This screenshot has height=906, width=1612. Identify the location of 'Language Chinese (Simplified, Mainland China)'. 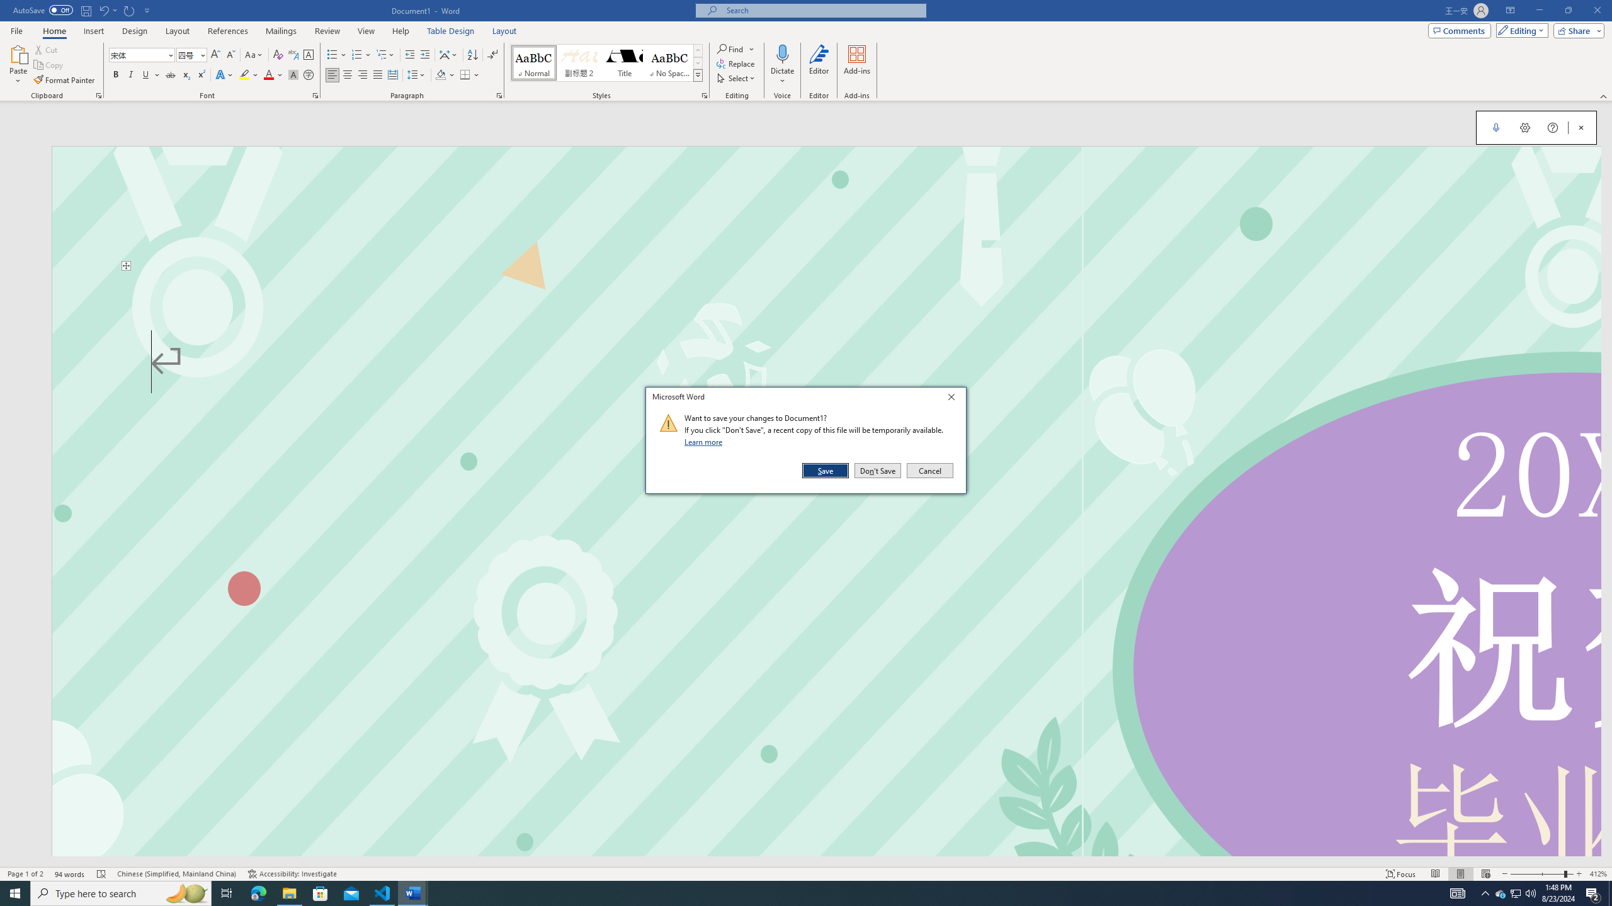
(177, 874).